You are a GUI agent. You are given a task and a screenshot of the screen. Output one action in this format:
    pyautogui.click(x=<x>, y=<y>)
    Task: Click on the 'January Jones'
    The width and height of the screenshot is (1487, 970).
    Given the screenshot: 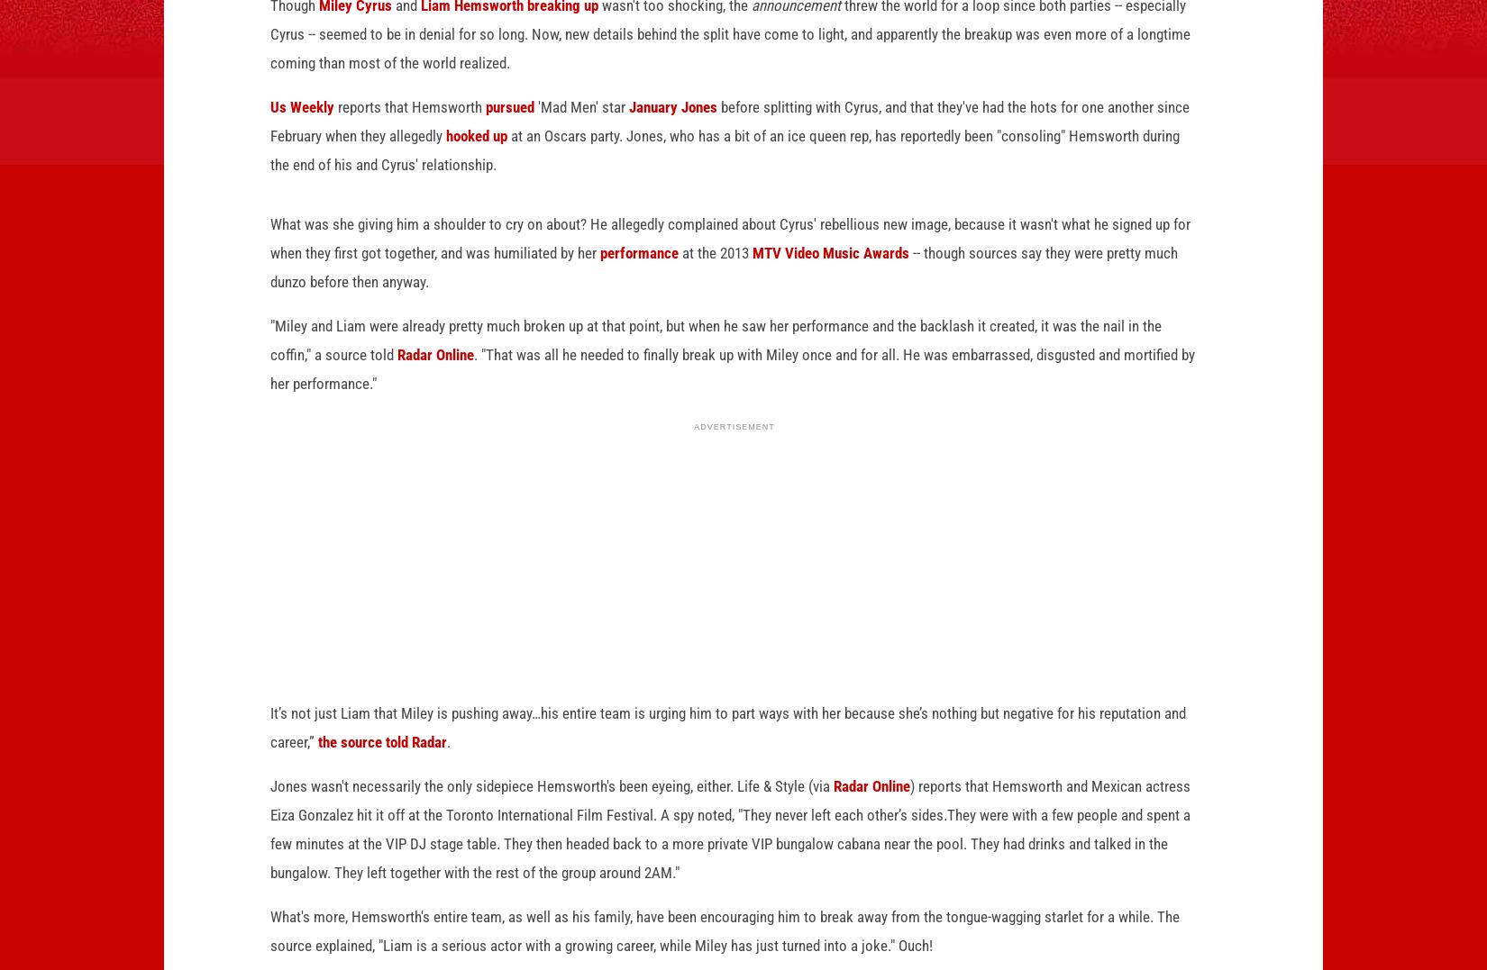 What is the action you would take?
    pyautogui.click(x=671, y=135)
    